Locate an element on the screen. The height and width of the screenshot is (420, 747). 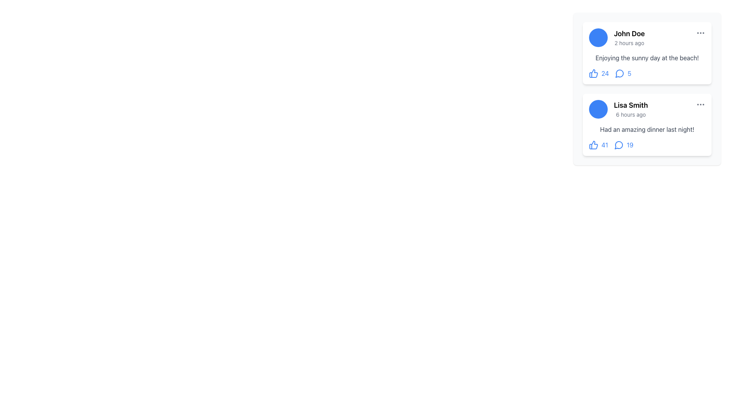
the username 'Lisa Smith' in the header of the second post is located at coordinates (647, 109).